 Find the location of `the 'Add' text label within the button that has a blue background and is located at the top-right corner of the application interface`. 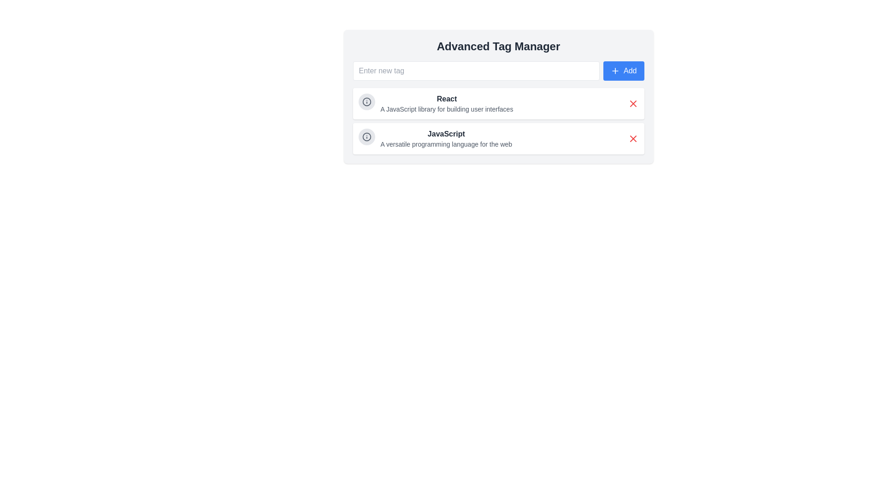

the 'Add' text label within the button that has a blue background and is located at the top-right corner of the application interface is located at coordinates (630, 71).